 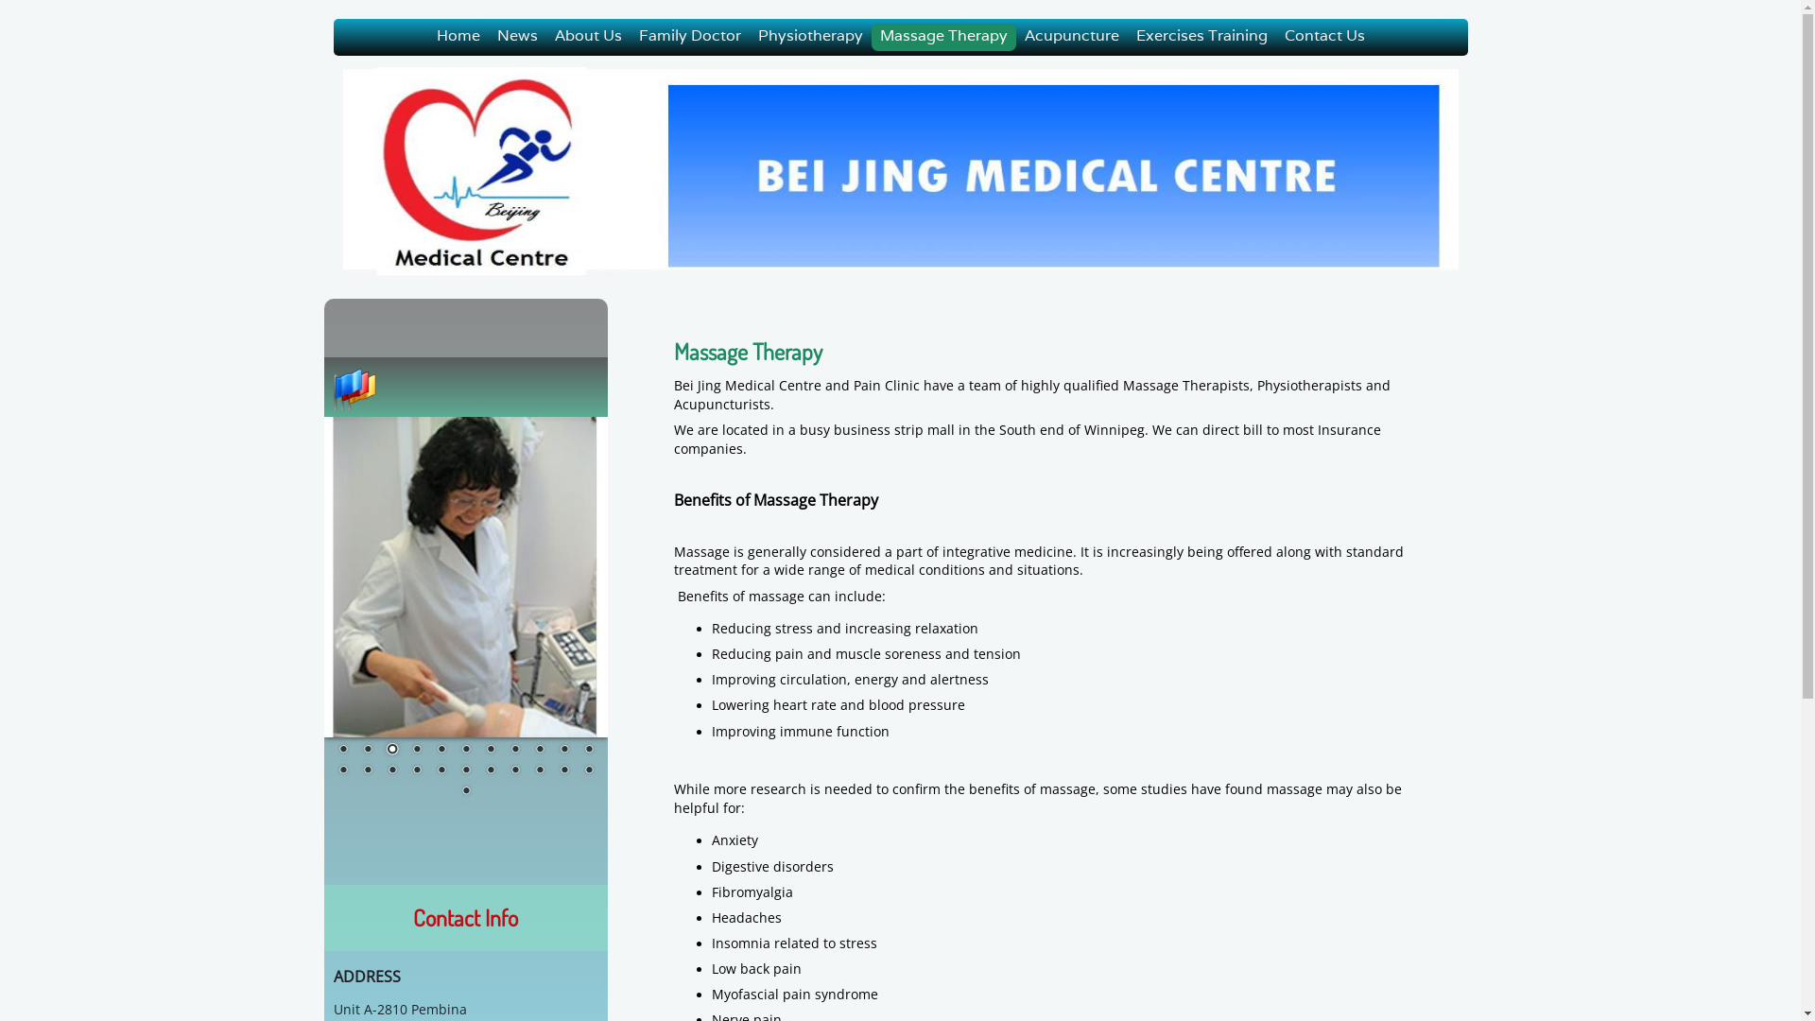 I want to click on '7', so click(x=490, y=750).